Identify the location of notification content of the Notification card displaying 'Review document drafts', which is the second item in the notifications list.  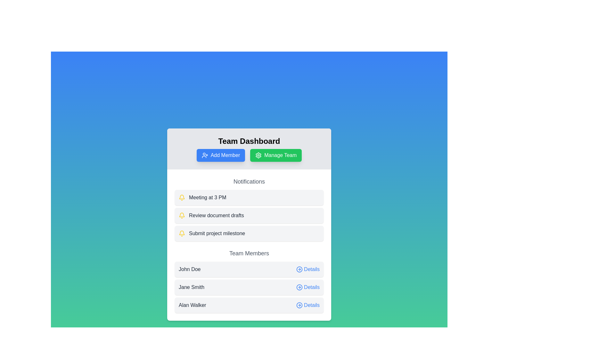
(249, 215).